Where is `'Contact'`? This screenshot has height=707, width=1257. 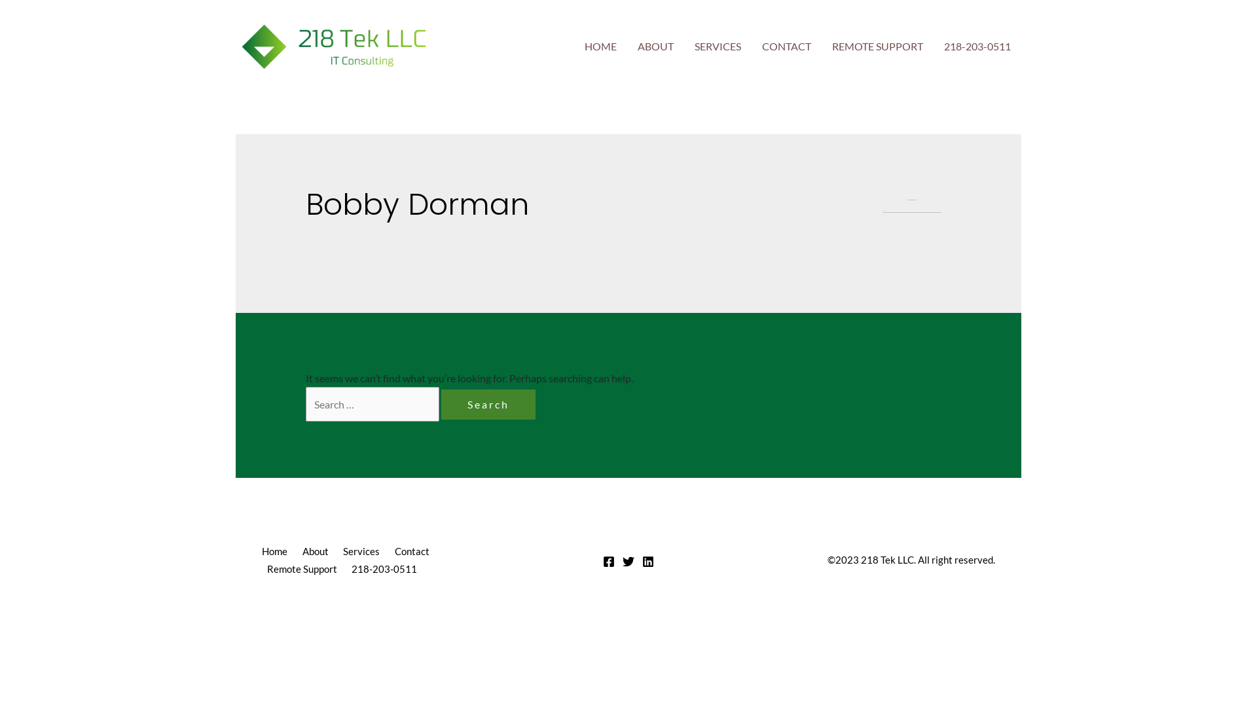
'Contact' is located at coordinates (389, 551).